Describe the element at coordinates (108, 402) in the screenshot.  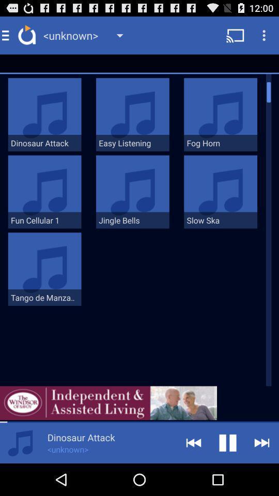
I see `open advertisement` at that location.